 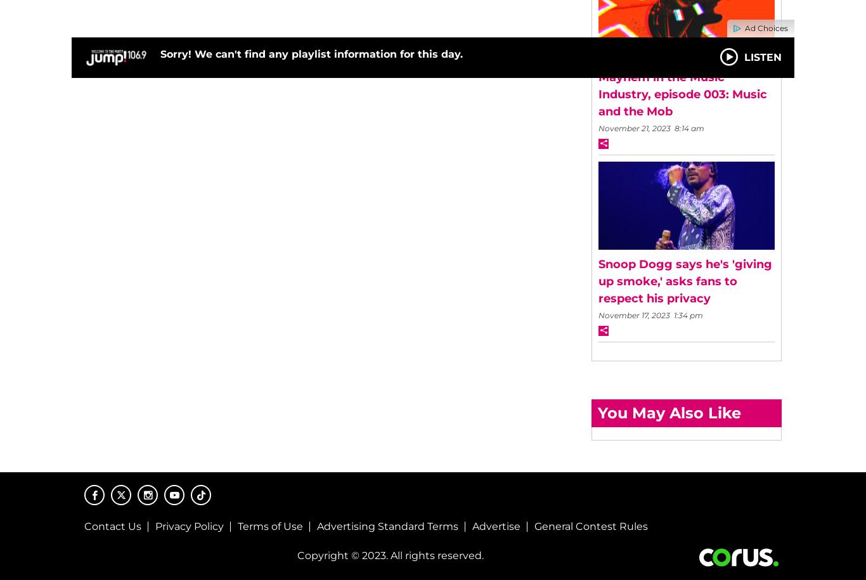 I want to click on 'Advertise', so click(x=472, y=526).